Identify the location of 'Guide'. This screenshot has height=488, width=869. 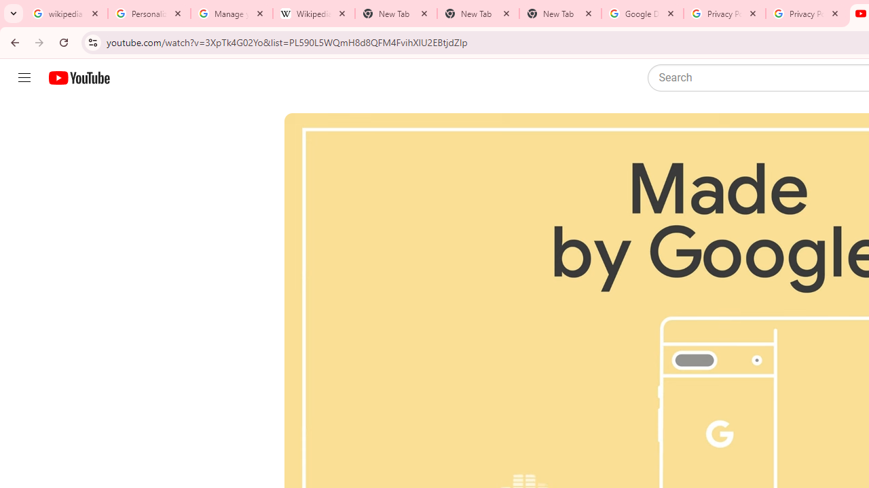
(24, 78).